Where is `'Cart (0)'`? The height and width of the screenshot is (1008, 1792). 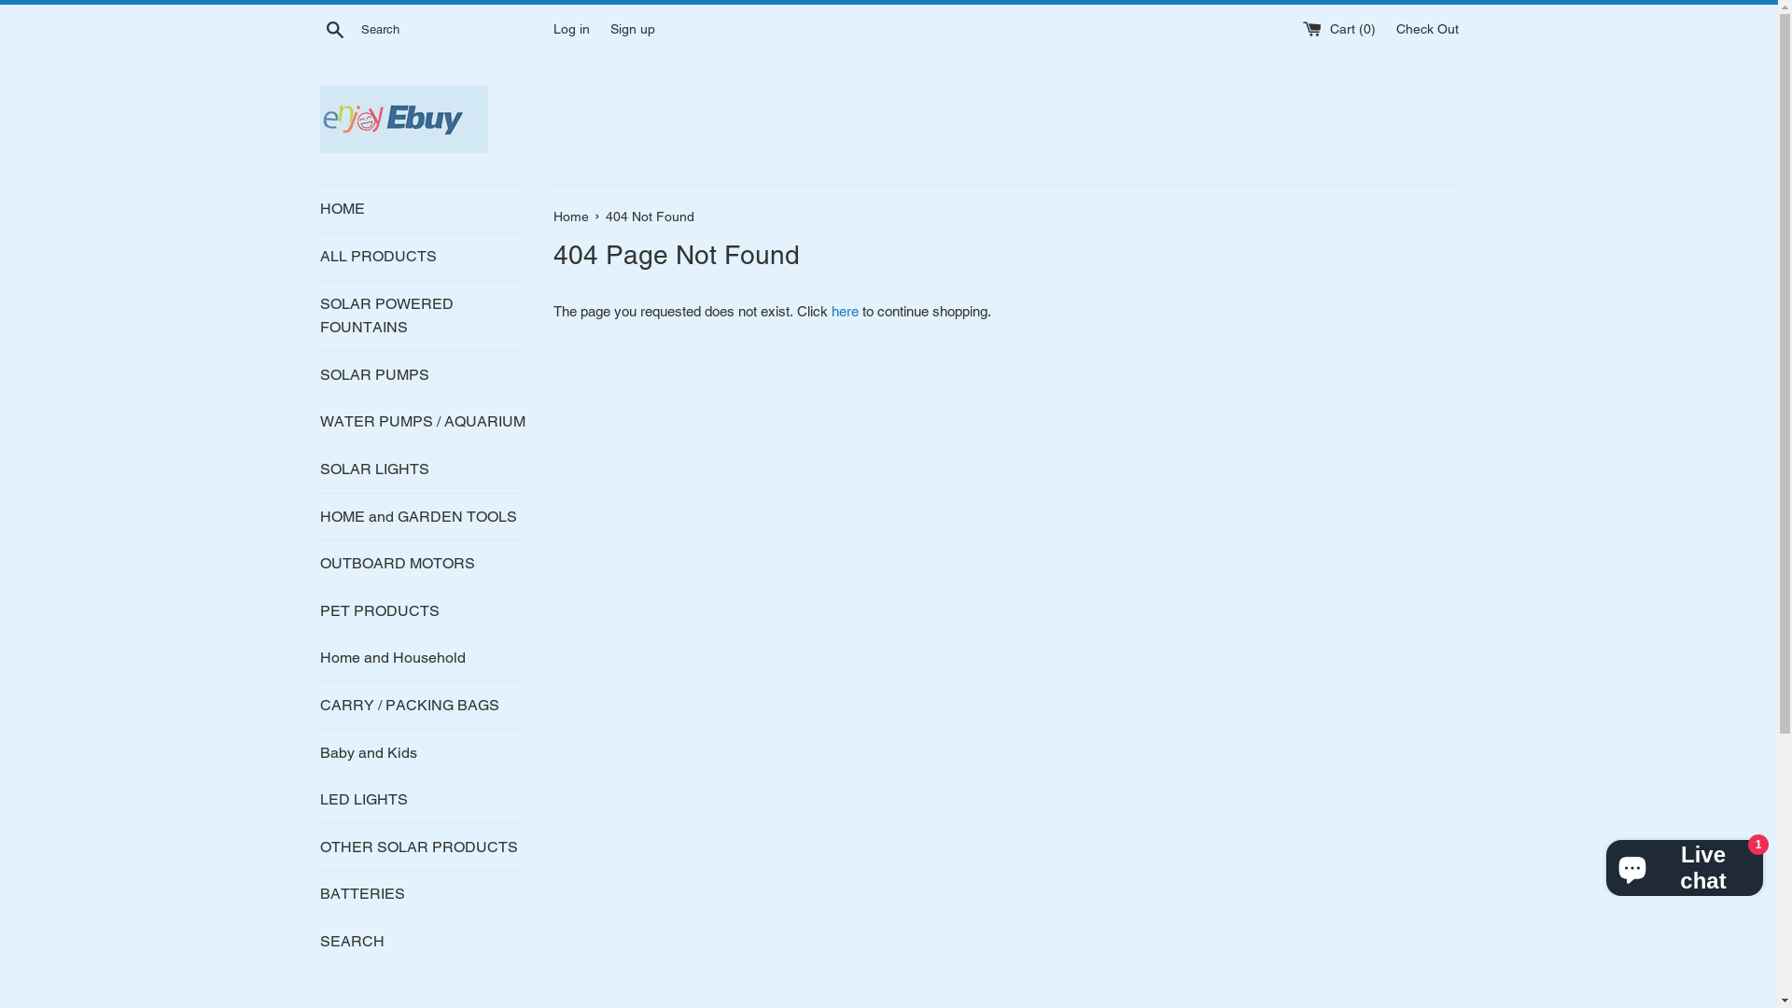
'Cart (0)' is located at coordinates (1339, 28).